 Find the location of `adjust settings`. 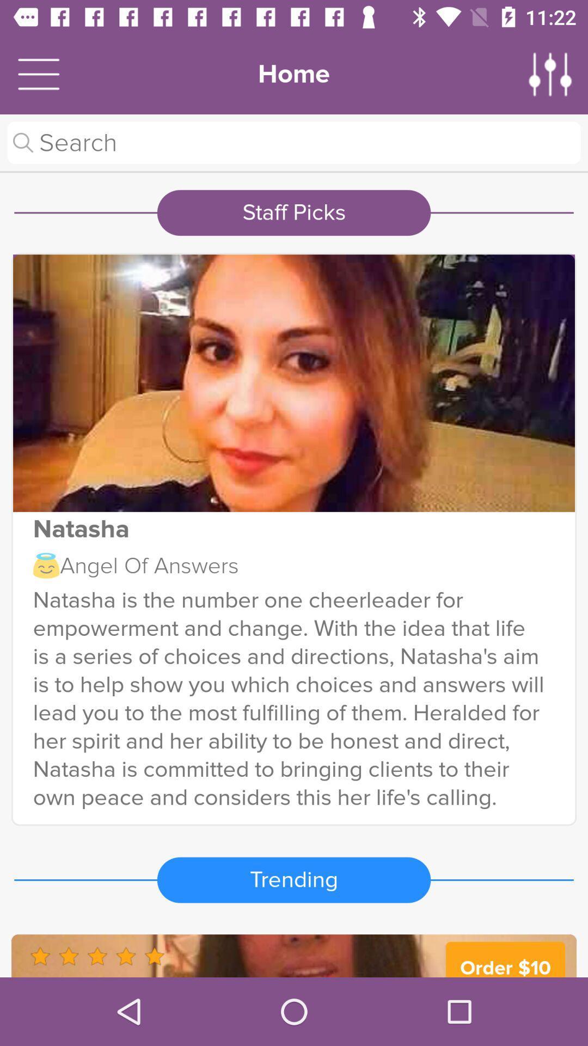

adjust settings is located at coordinates (550, 74).